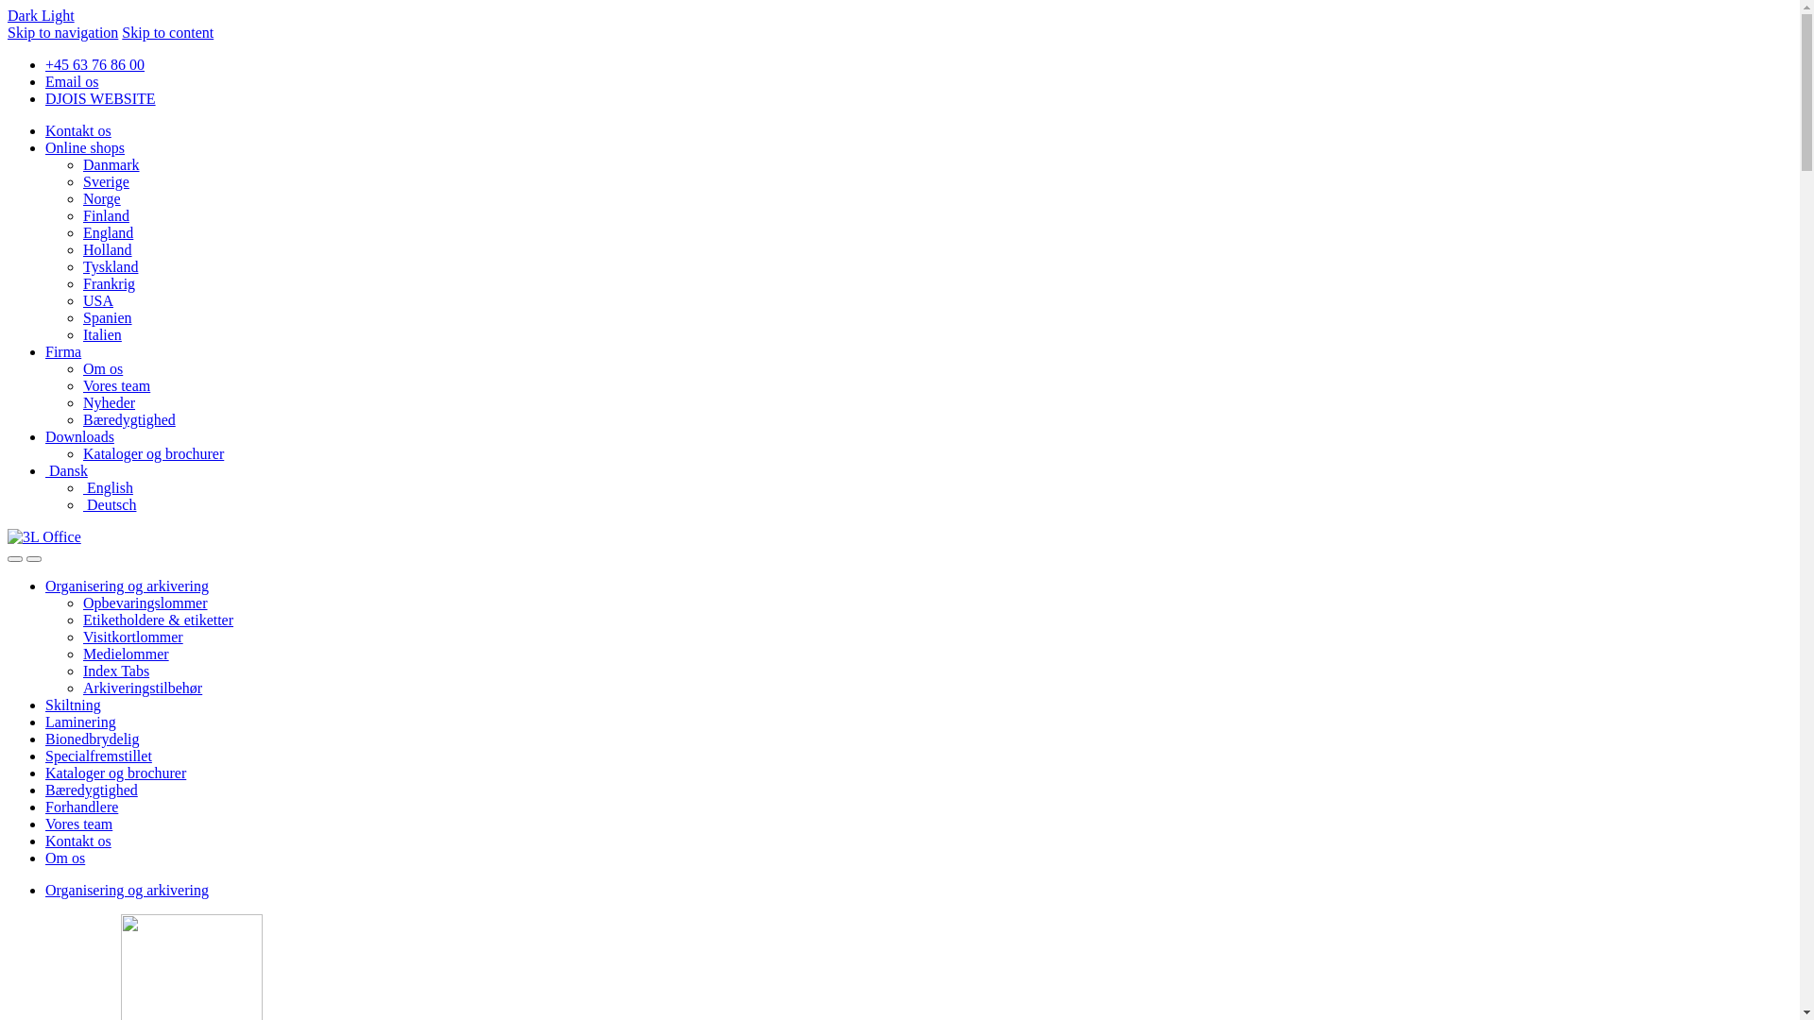  Describe the element at coordinates (107, 316) in the screenshot. I see `'Spanien'` at that location.